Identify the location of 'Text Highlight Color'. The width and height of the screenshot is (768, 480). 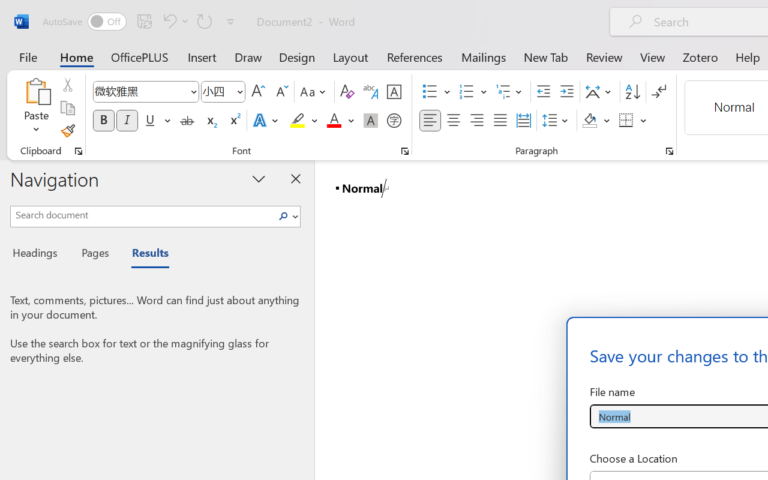
(304, 121).